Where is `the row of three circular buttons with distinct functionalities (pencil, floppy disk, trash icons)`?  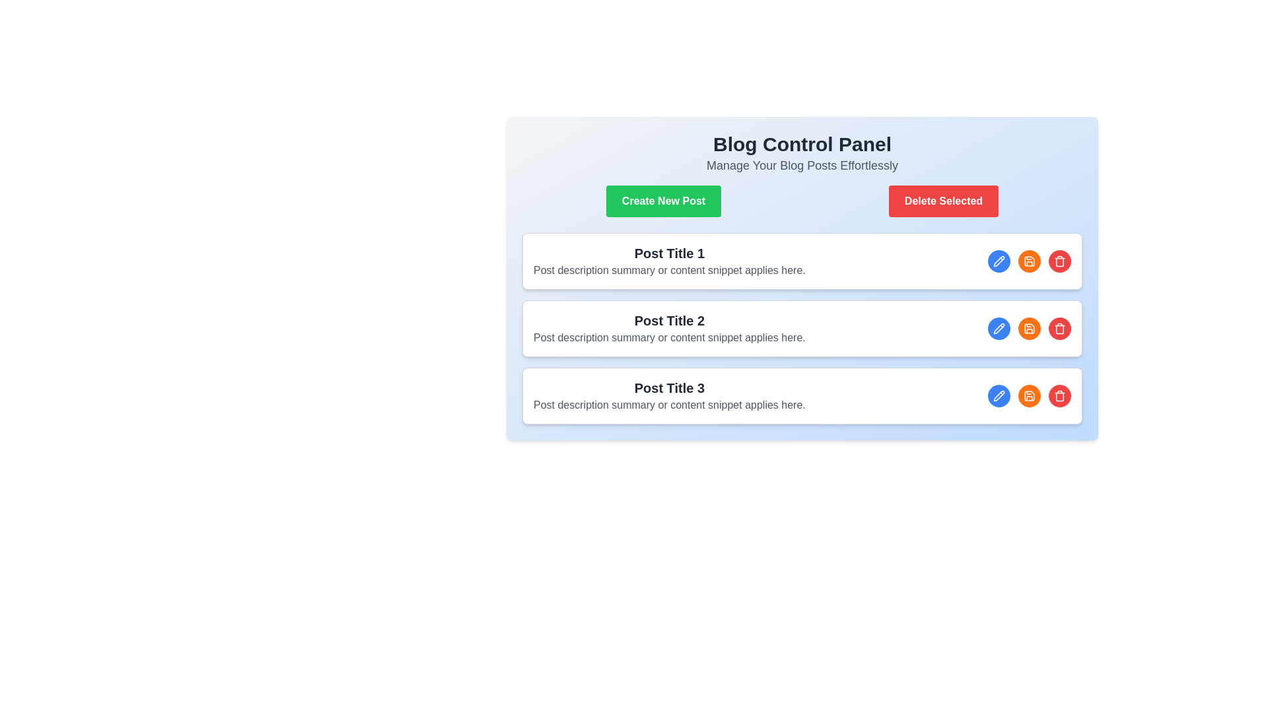 the row of three circular buttons with distinct functionalities (pencil, floppy disk, trash icons) is located at coordinates (1029, 395).